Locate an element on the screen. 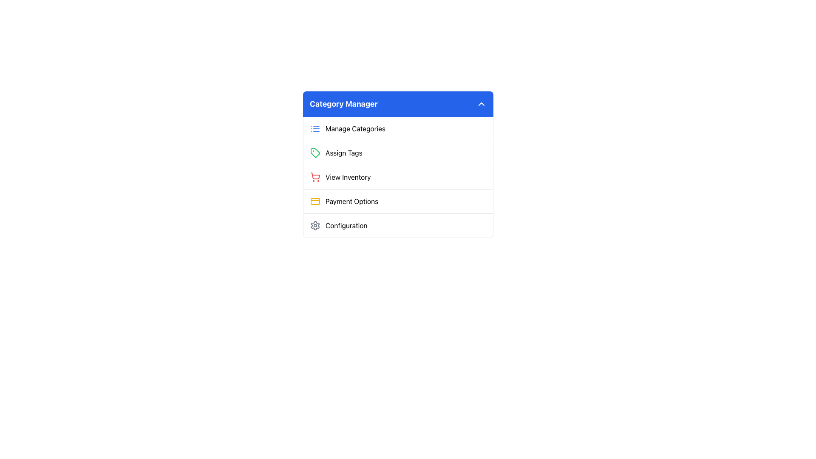  the settings icon located in the fifth position of the 'Configuration' menu list item within the 'Category Manager' dropdown interface is located at coordinates (315, 225).